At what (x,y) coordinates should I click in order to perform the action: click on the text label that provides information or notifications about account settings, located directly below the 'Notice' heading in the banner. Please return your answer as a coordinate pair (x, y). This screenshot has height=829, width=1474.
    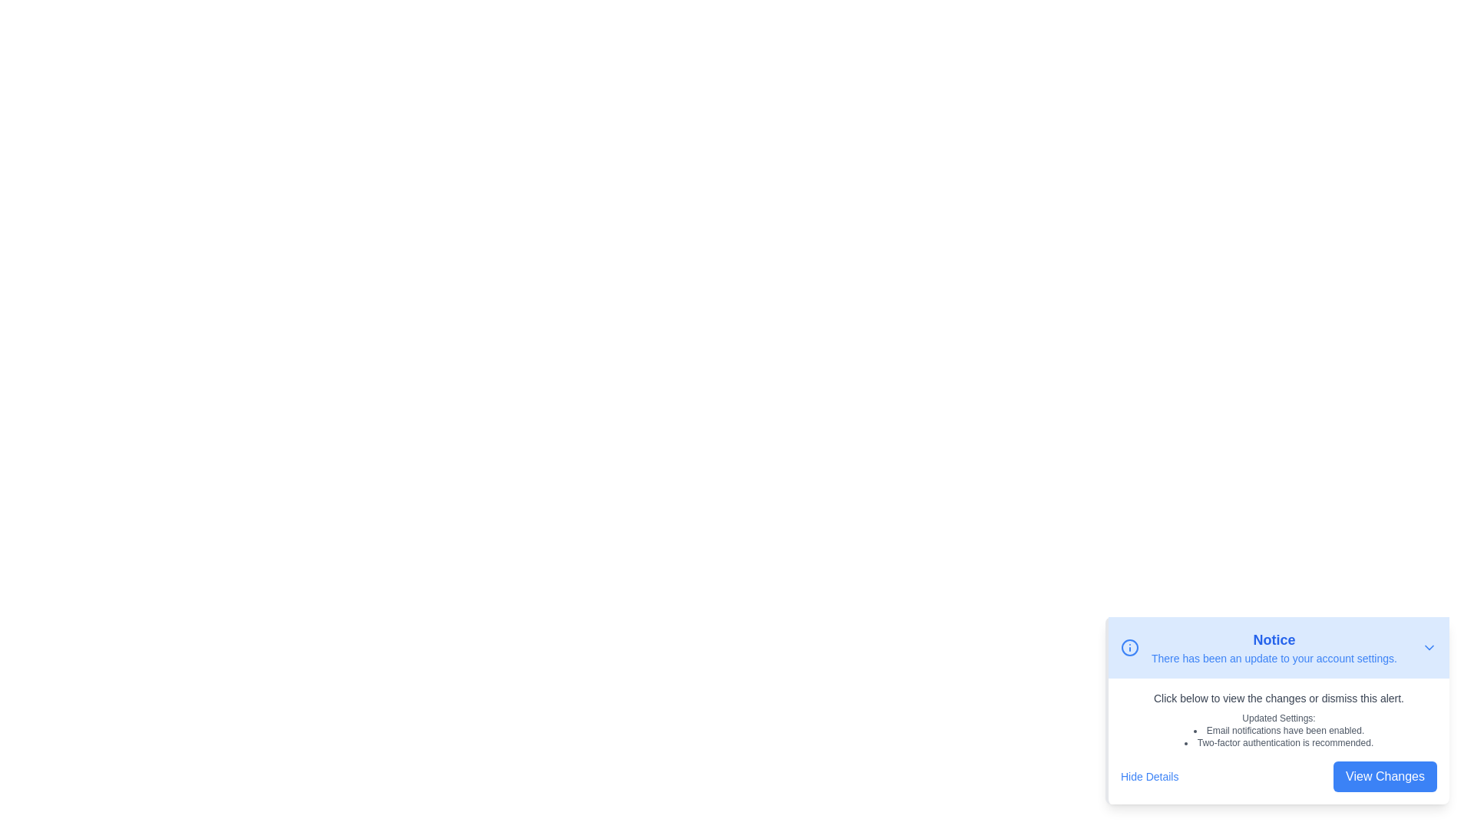
    Looking at the image, I should click on (1274, 657).